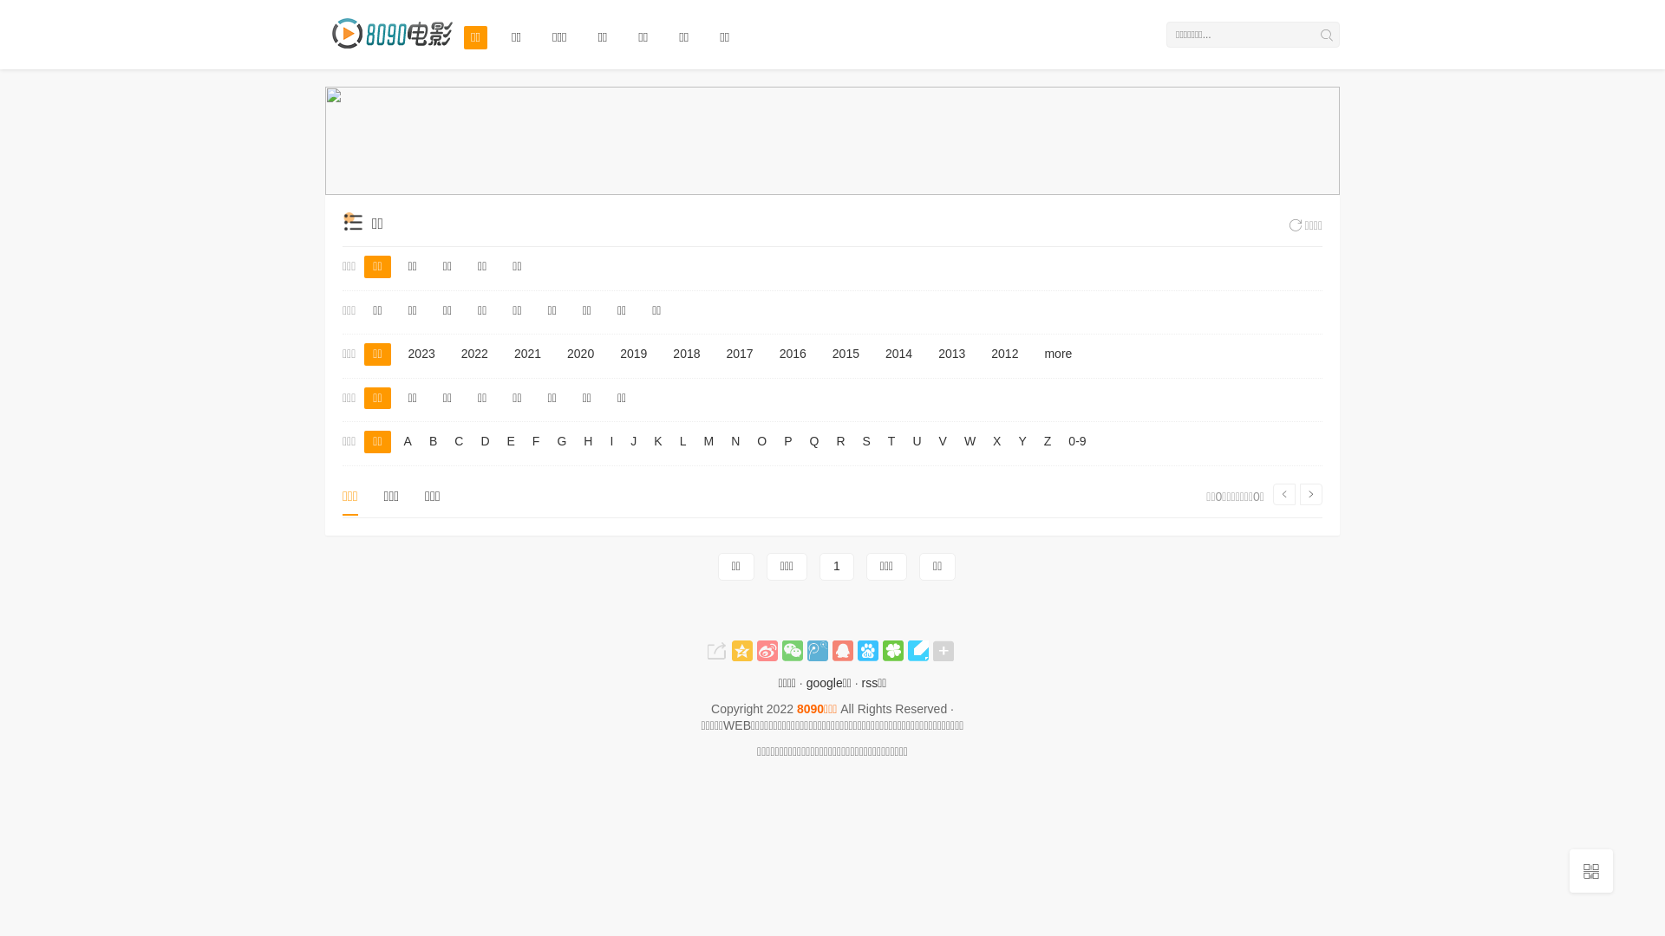  Describe the element at coordinates (866, 440) in the screenshot. I see `'S'` at that location.